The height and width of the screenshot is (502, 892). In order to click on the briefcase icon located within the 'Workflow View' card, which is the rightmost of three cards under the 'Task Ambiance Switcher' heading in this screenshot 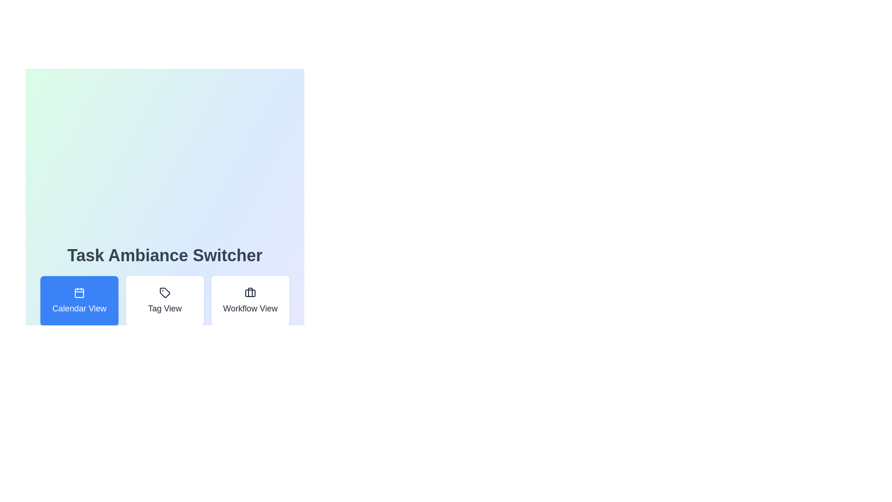, I will do `click(250, 292)`.